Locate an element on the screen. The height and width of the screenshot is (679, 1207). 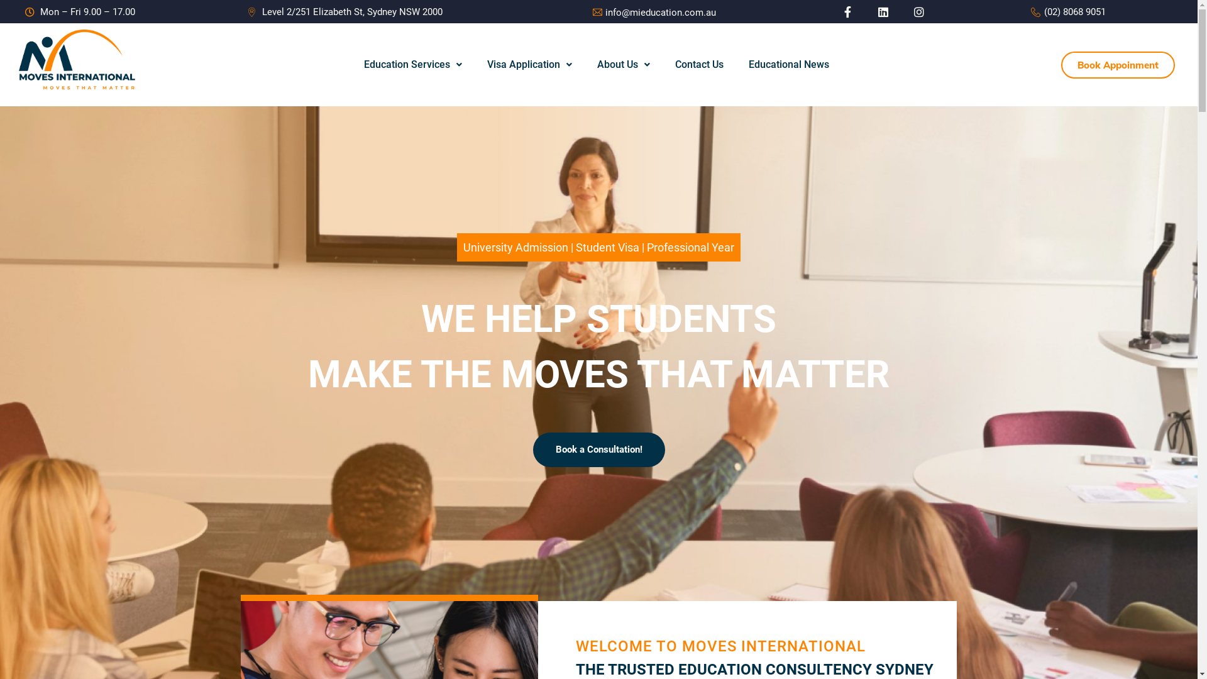
'Visa Application' is located at coordinates (529, 65).